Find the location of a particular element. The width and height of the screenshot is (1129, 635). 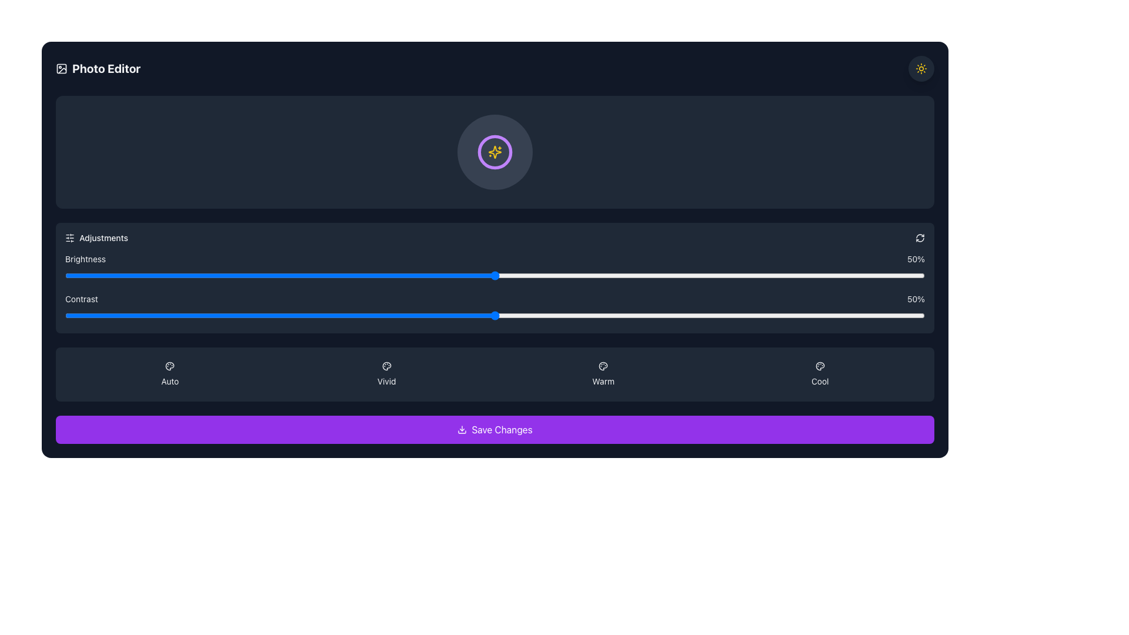

brightness is located at coordinates (151, 276).